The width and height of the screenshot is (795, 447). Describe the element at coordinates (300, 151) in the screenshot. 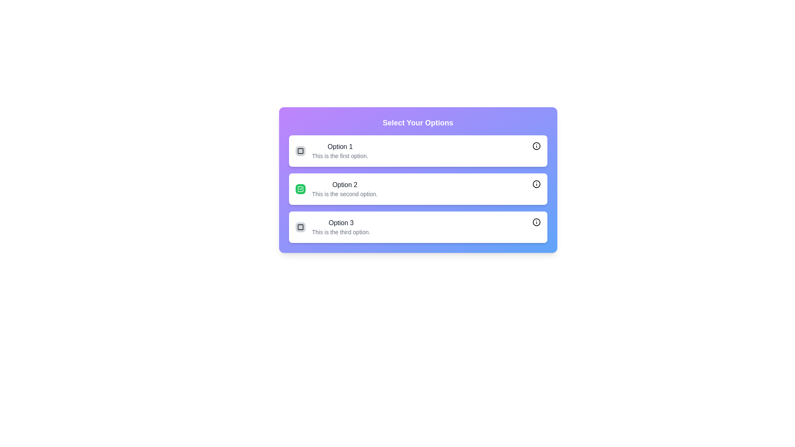

I see `the checkbox for 'Option 1'` at that location.